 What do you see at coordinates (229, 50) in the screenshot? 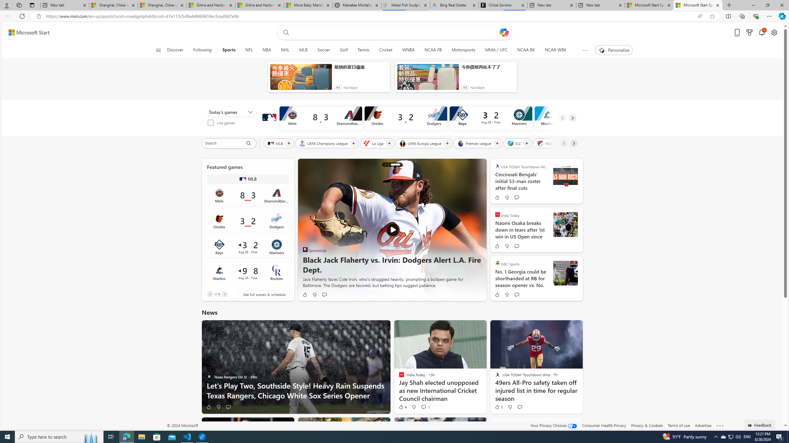
I see `'Sports'` at bounding box center [229, 50].